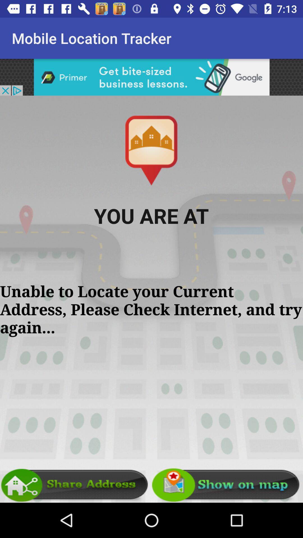  What do you see at coordinates (227, 485) in the screenshot?
I see `show on map option` at bounding box center [227, 485].